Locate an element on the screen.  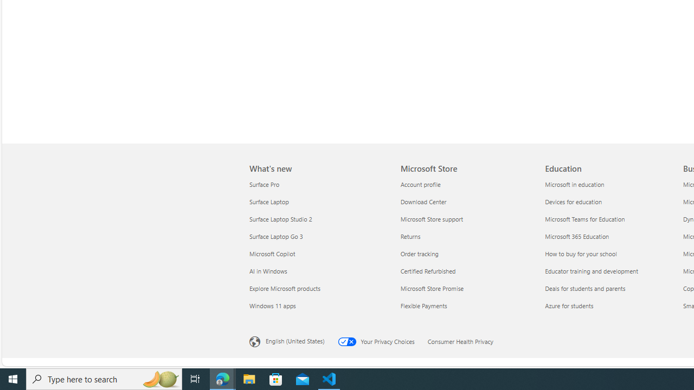
'Certified Refurbished' is located at coordinates (466, 270).